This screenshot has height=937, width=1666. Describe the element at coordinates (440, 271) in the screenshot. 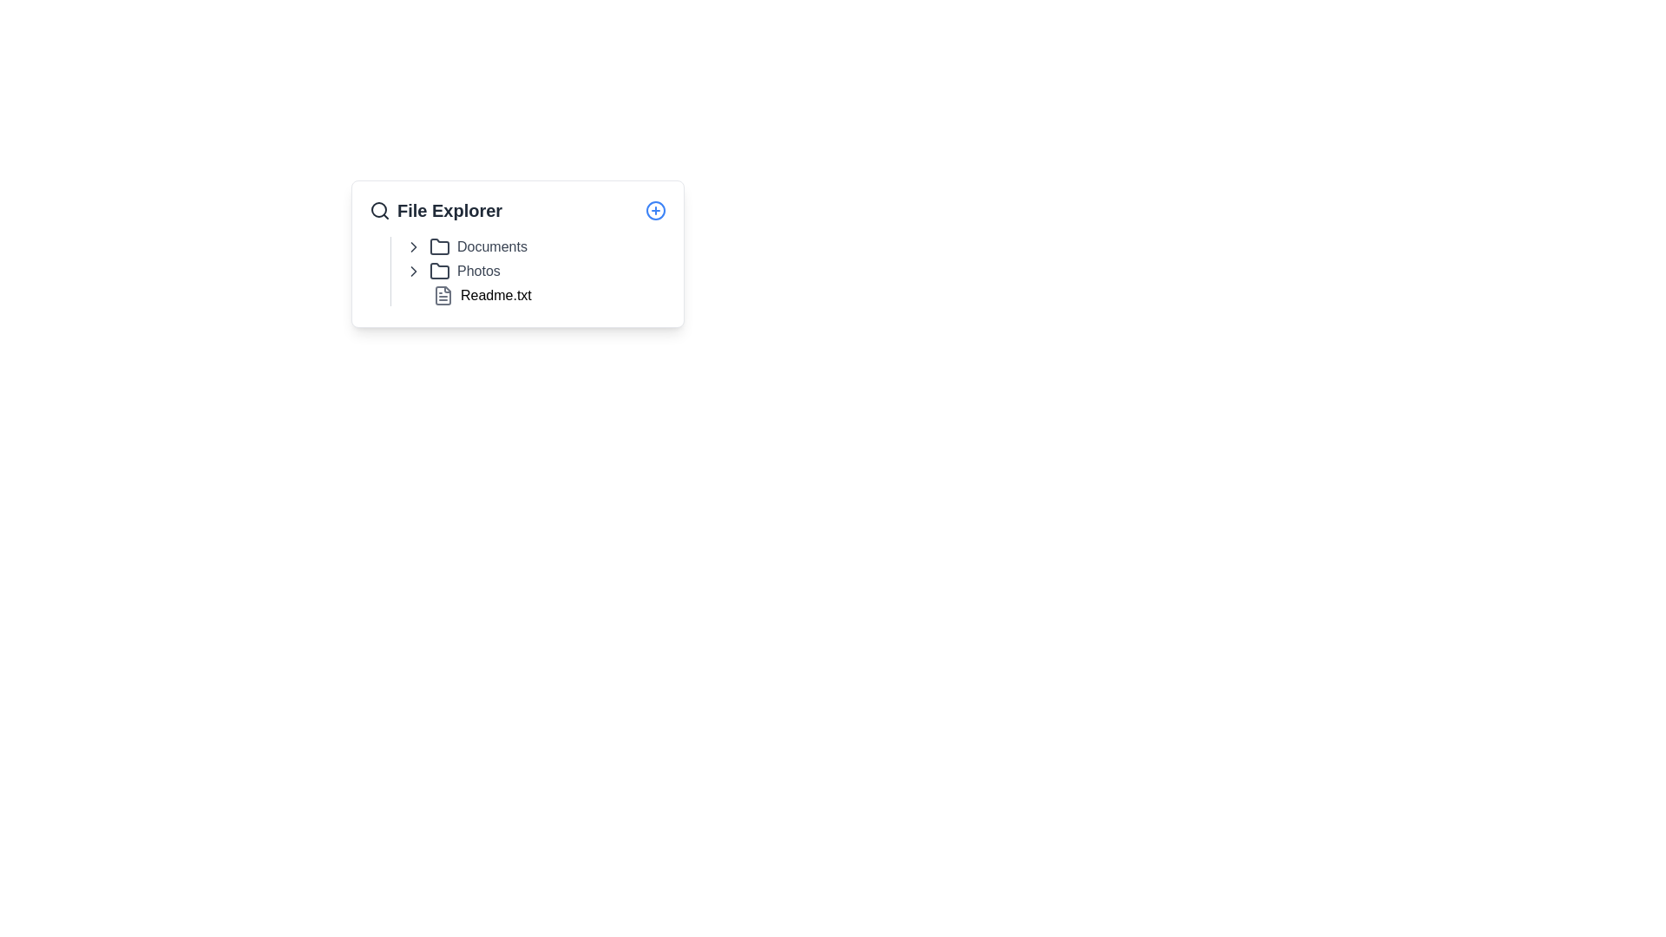

I see `the decorative icon for the 'Photos' folder entry, which is positioned to the left of the text label 'Photos'` at that location.